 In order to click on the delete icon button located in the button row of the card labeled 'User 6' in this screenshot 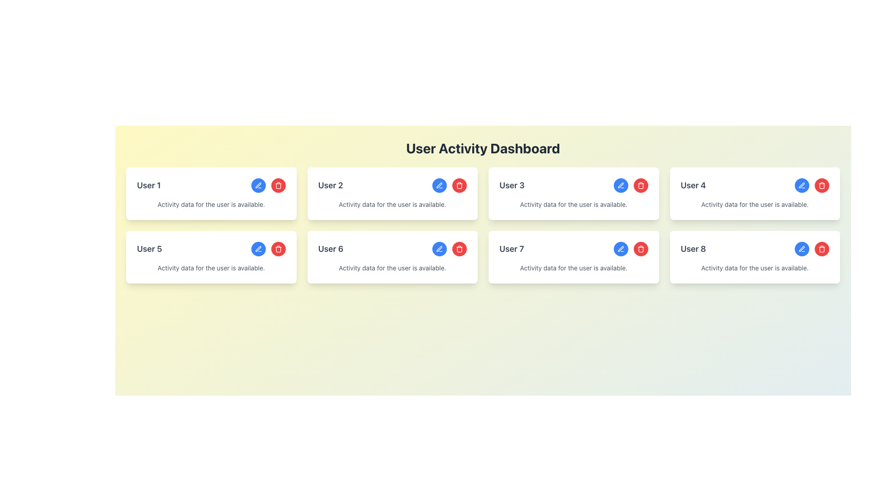, I will do `click(459, 250)`.